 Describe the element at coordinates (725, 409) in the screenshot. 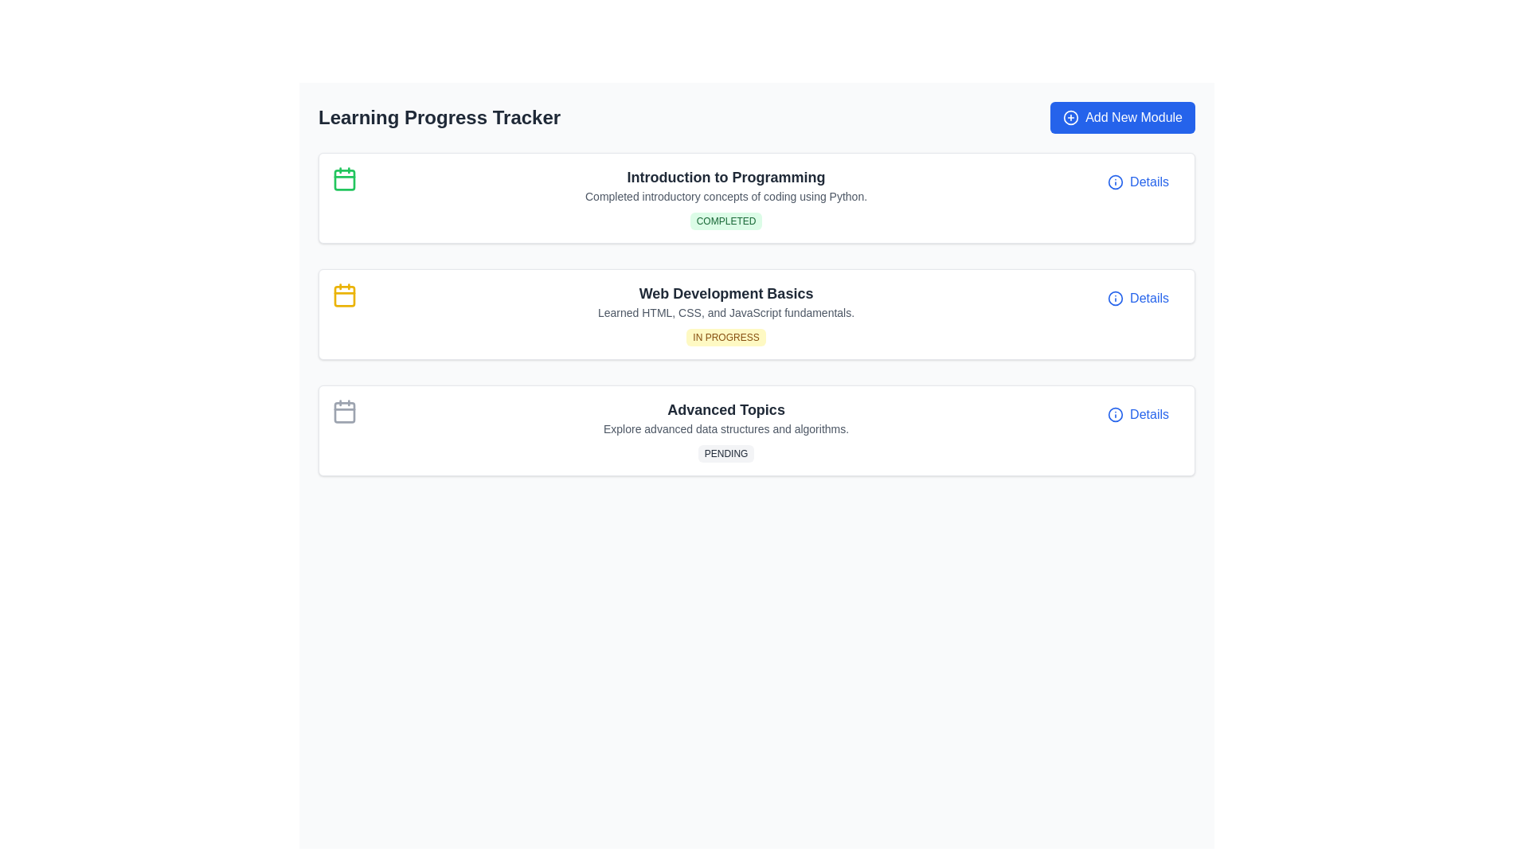

I see `the 'Advanced Topics' text label, which is styled with a large bold font in dark gray, serving as the title in the third module of the learning modules list` at that location.